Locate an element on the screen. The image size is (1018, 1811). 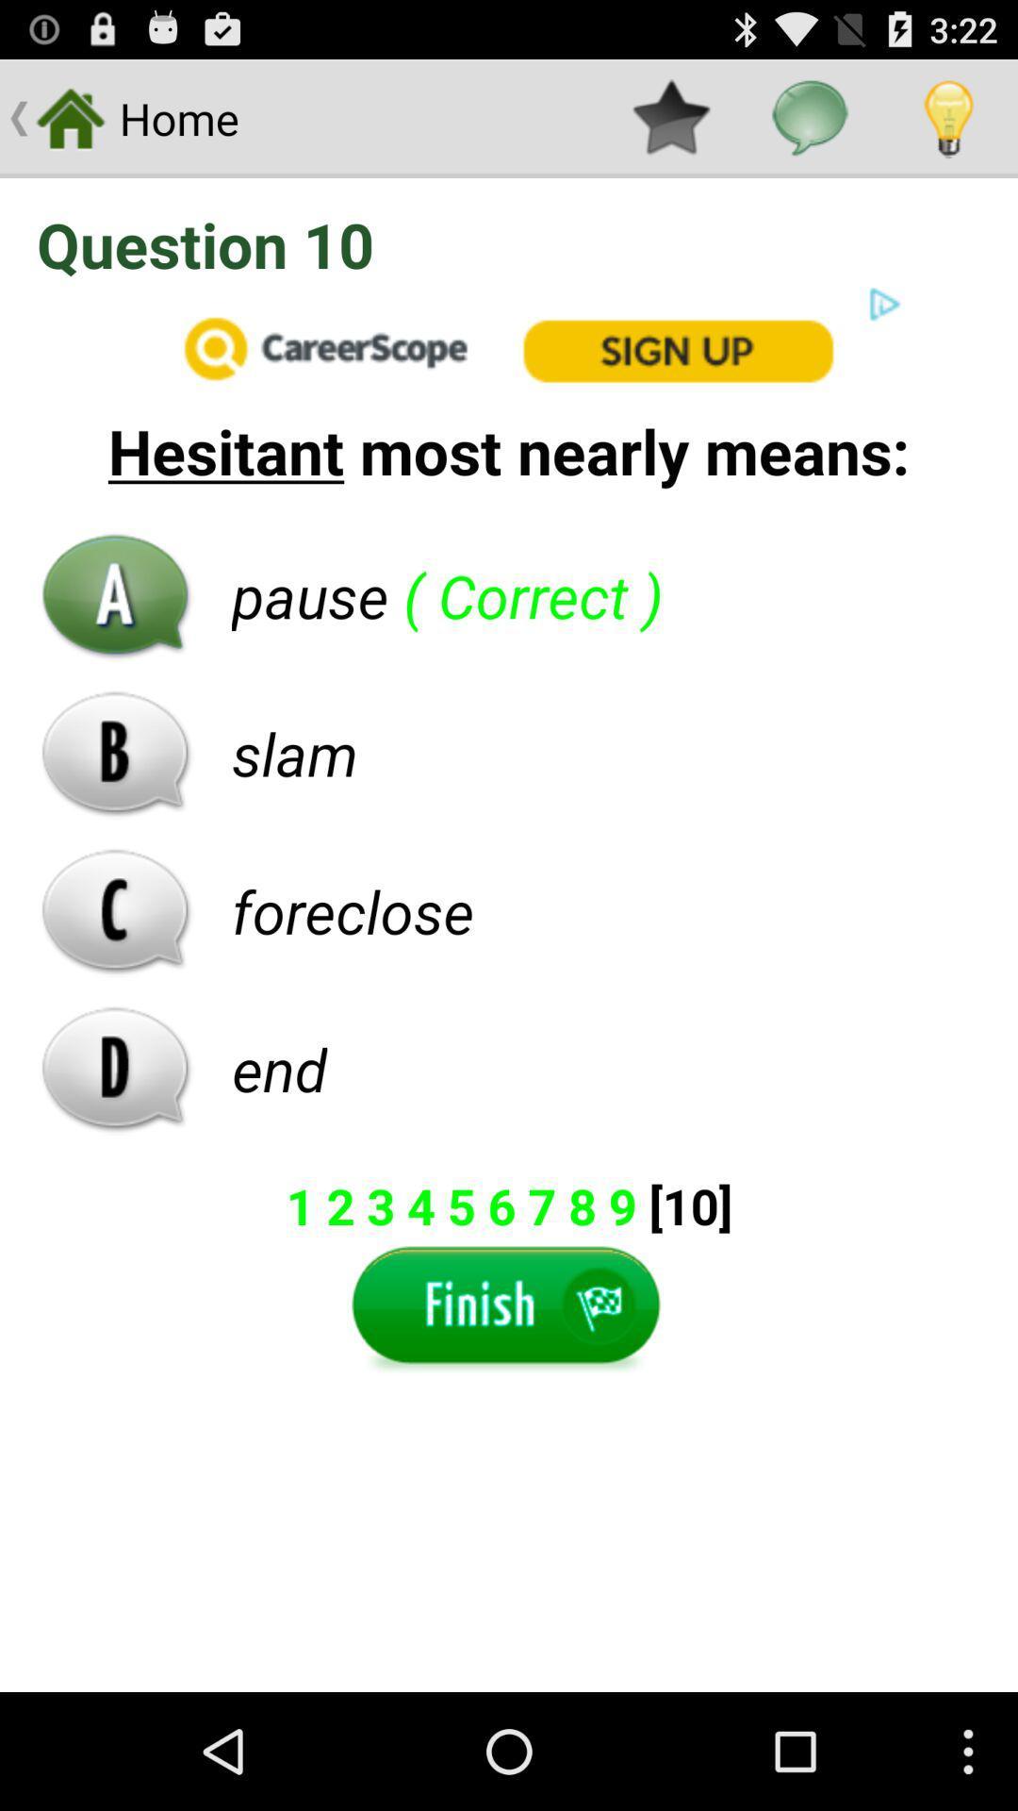
advertisement banner is located at coordinates (509, 347).